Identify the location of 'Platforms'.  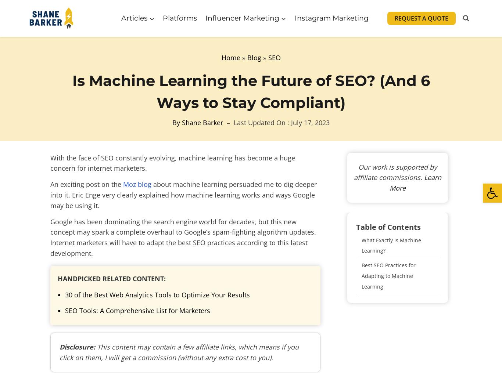
(180, 17).